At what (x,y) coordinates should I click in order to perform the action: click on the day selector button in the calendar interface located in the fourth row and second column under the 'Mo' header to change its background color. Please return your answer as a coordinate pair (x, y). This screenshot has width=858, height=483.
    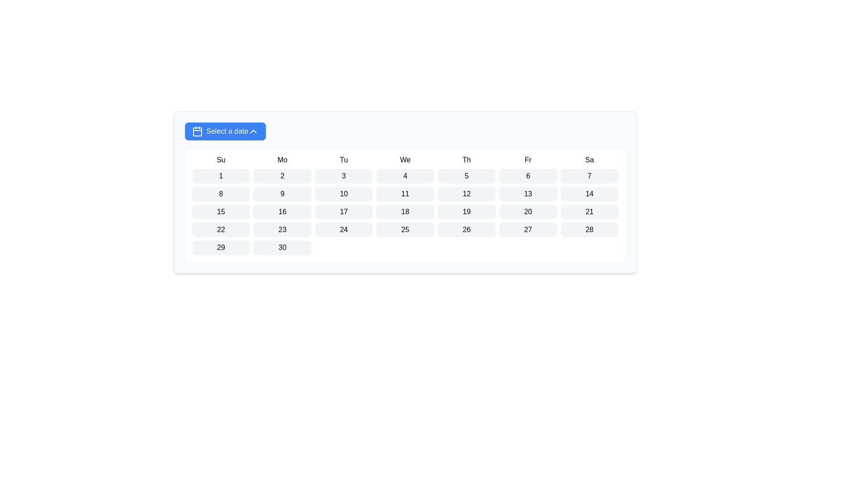
    Looking at the image, I should click on (282, 229).